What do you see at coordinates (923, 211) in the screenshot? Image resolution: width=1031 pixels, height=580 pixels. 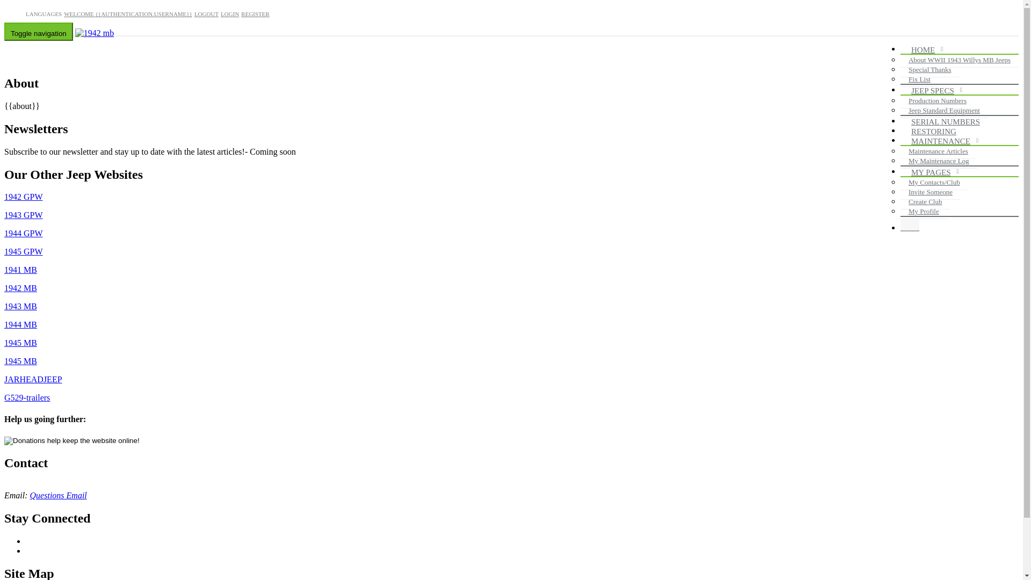 I see `'My Profile'` at bounding box center [923, 211].